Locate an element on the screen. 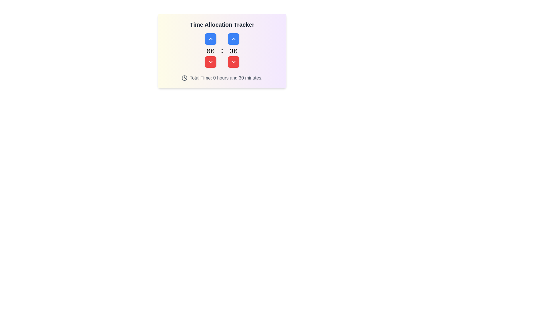  the numeric text display element showing '30', which is part of the time selection interface, located between the upward and downward arrow buttons is located at coordinates (234, 50).